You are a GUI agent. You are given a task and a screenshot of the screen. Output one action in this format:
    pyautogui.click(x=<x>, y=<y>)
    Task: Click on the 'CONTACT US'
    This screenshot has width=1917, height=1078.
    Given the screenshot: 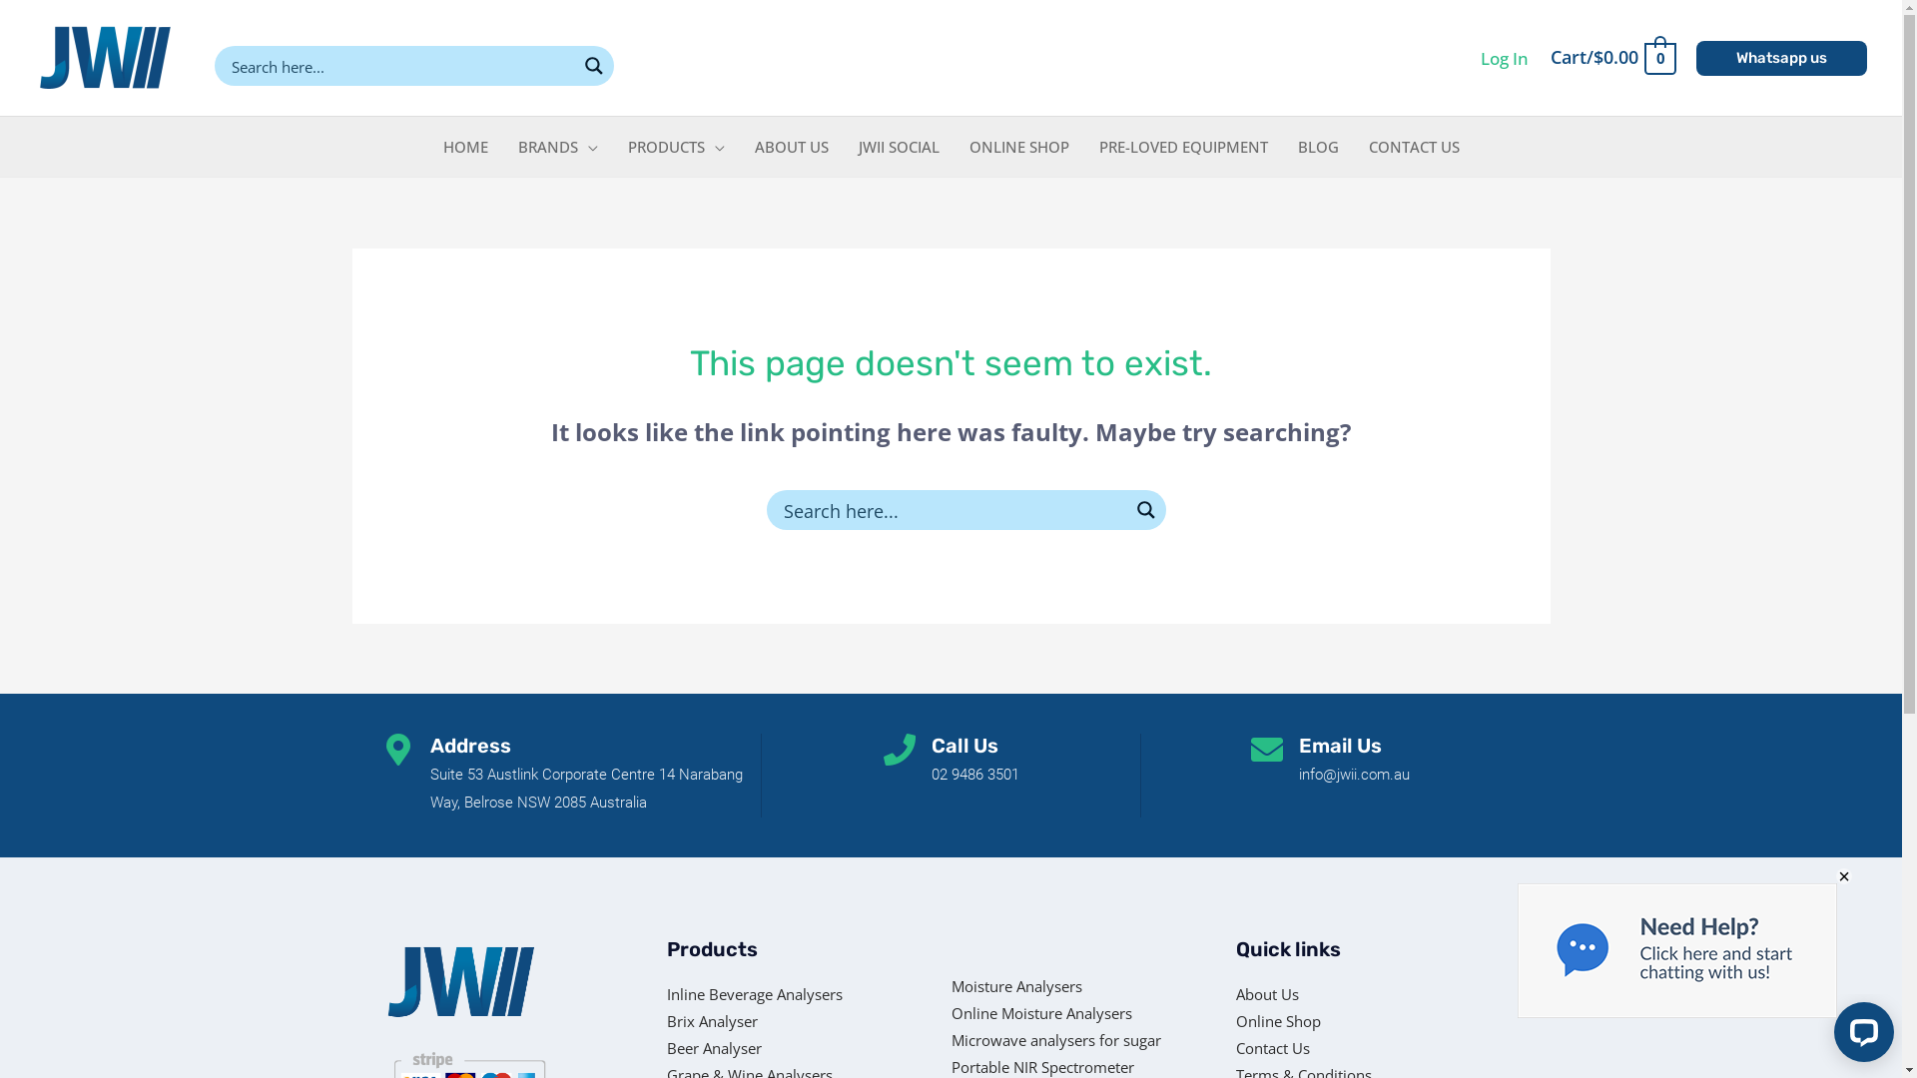 What is the action you would take?
    pyautogui.click(x=1413, y=145)
    